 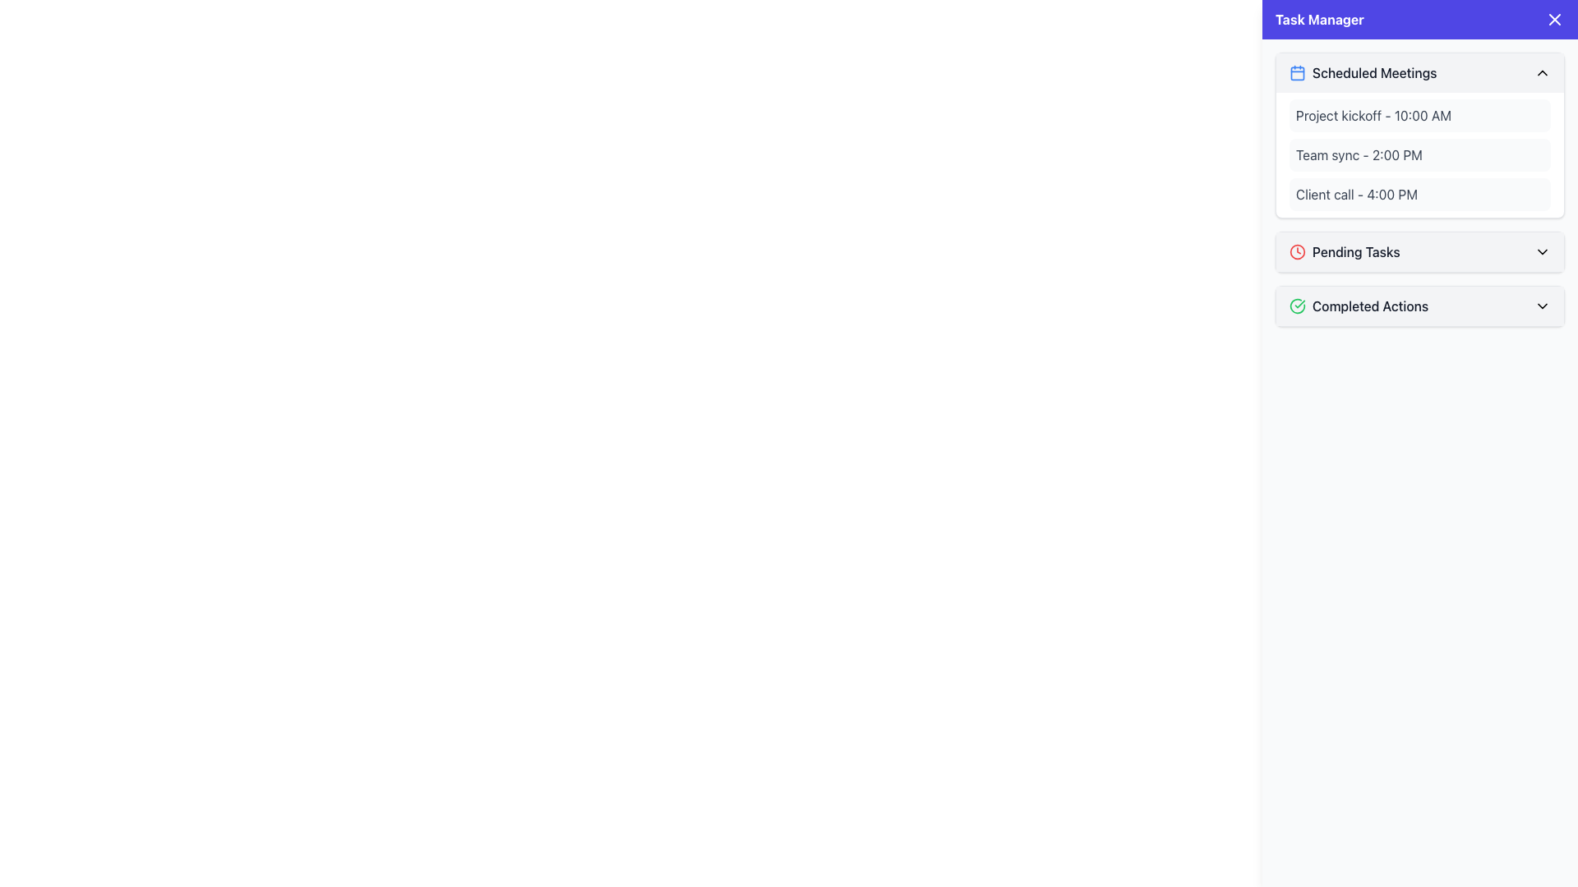 What do you see at coordinates (1373, 115) in the screenshot?
I see `the first scheduled meeting text label in the Task Manager panel, which displays the meeting title and time` at bounding box center [1373, 115].